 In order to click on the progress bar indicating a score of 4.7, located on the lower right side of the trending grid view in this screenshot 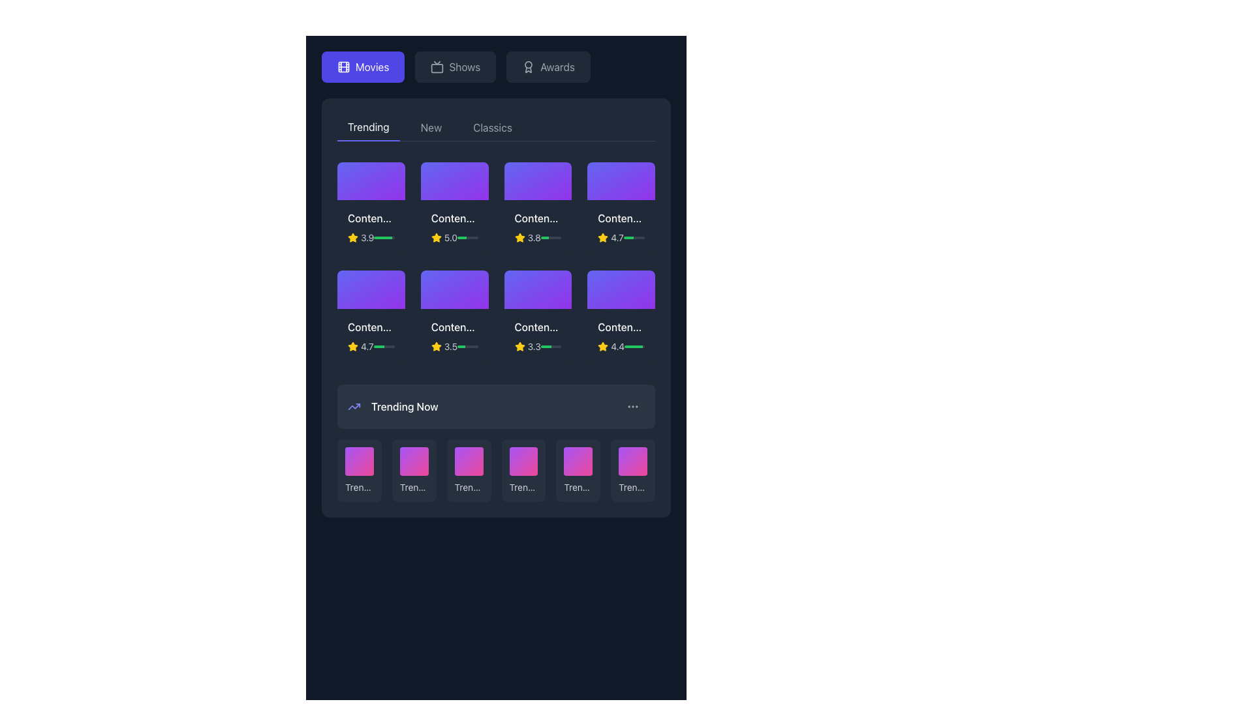, I will do `click(634, 238)`.